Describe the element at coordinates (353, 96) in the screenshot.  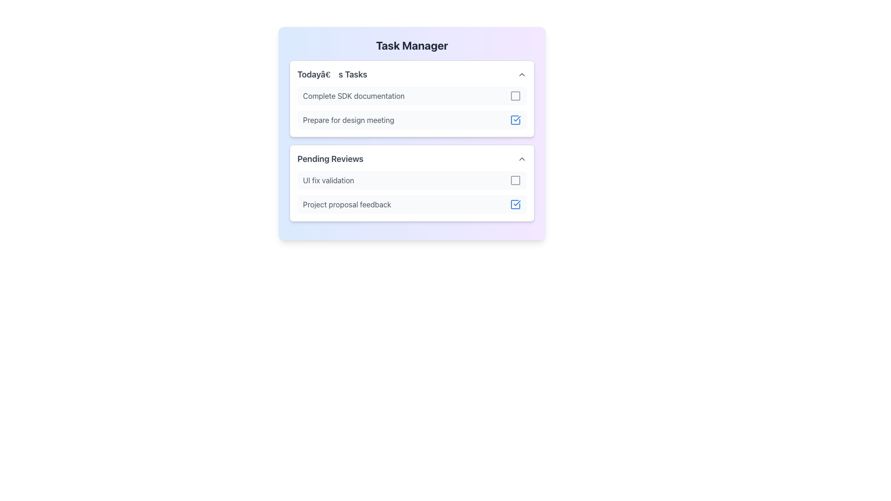
I see `the text label reading 'Complete SDK documentation' which is styled with a gray font color and located at the top of the 'Today’s Tasks' section` at that location.